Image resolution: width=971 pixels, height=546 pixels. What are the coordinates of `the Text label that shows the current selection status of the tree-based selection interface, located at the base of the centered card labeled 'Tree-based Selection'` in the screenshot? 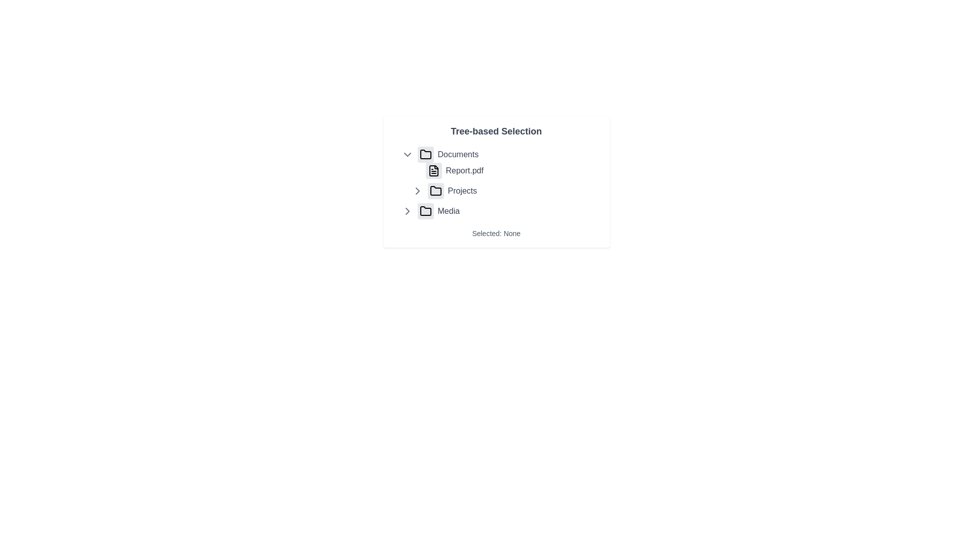 It's located at (496, 234).